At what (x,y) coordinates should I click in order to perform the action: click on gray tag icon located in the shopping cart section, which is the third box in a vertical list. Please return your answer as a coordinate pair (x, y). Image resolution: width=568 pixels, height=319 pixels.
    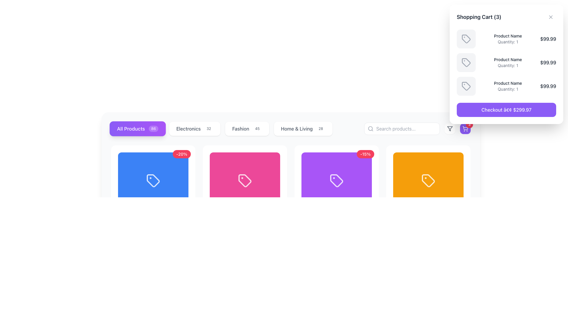
    Looking at the image, I should click on (466, 86).